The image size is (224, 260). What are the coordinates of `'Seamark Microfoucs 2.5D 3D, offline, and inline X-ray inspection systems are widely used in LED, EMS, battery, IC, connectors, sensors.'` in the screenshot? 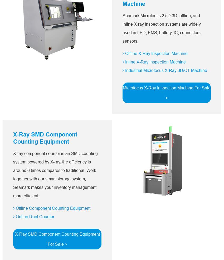 It's located at (162, 28).